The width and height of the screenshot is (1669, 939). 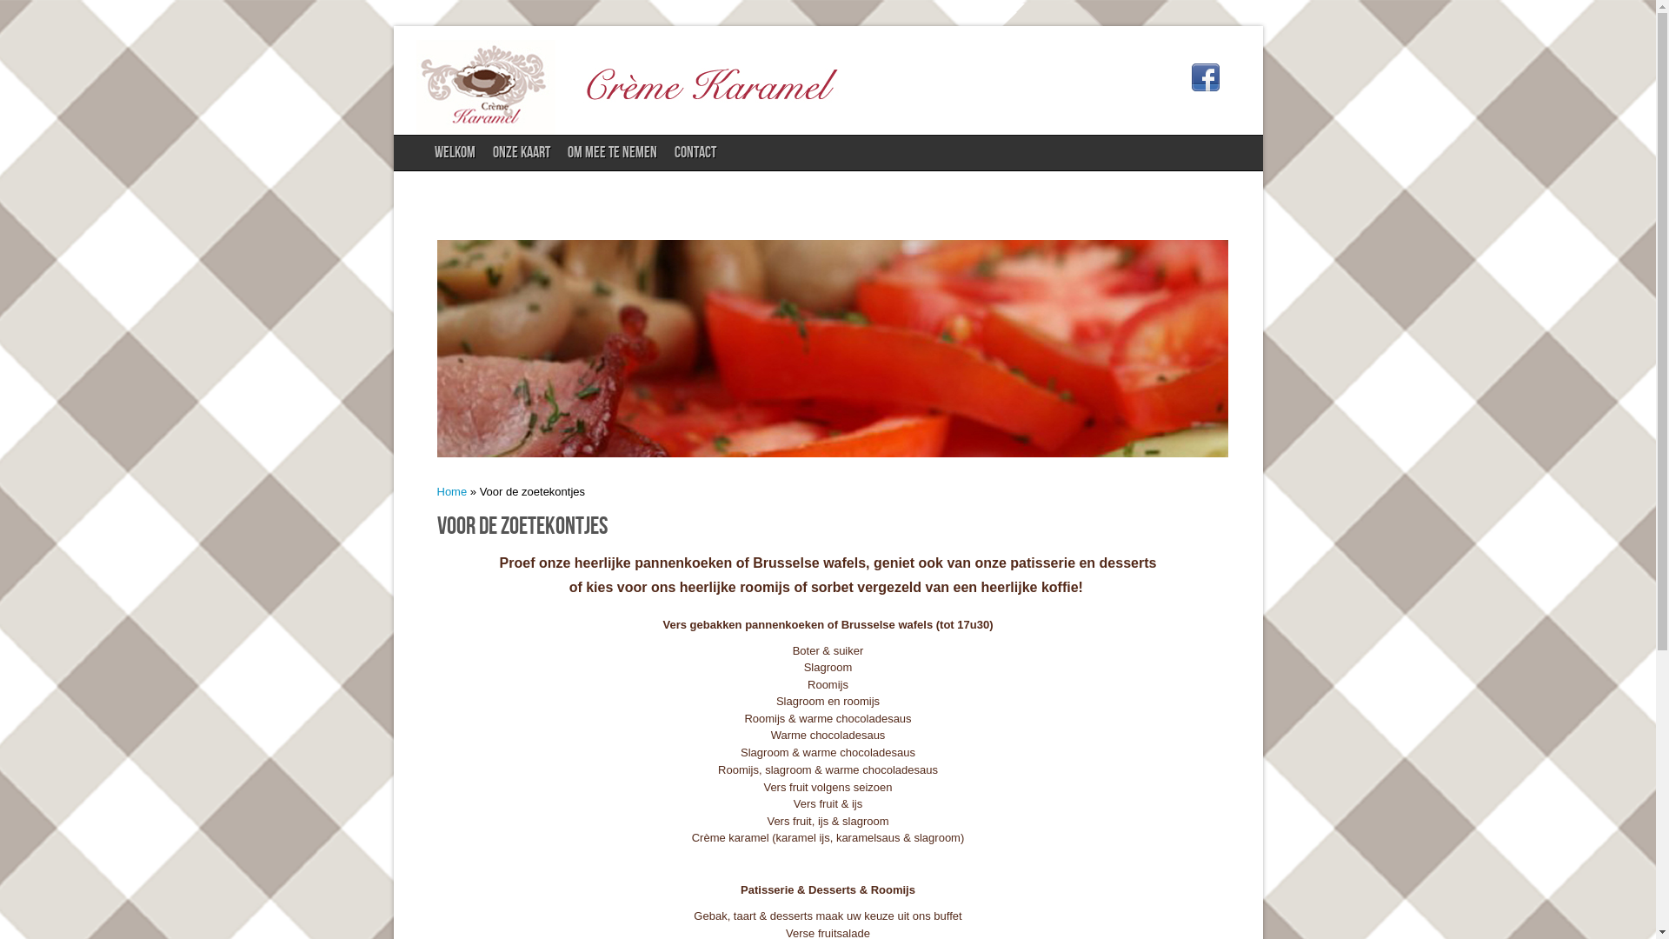 What do you see at coordinates (612, 152) in the screenshot?
I see `'OM MEE TE NEMEN'` at bounding box center [612, 152].